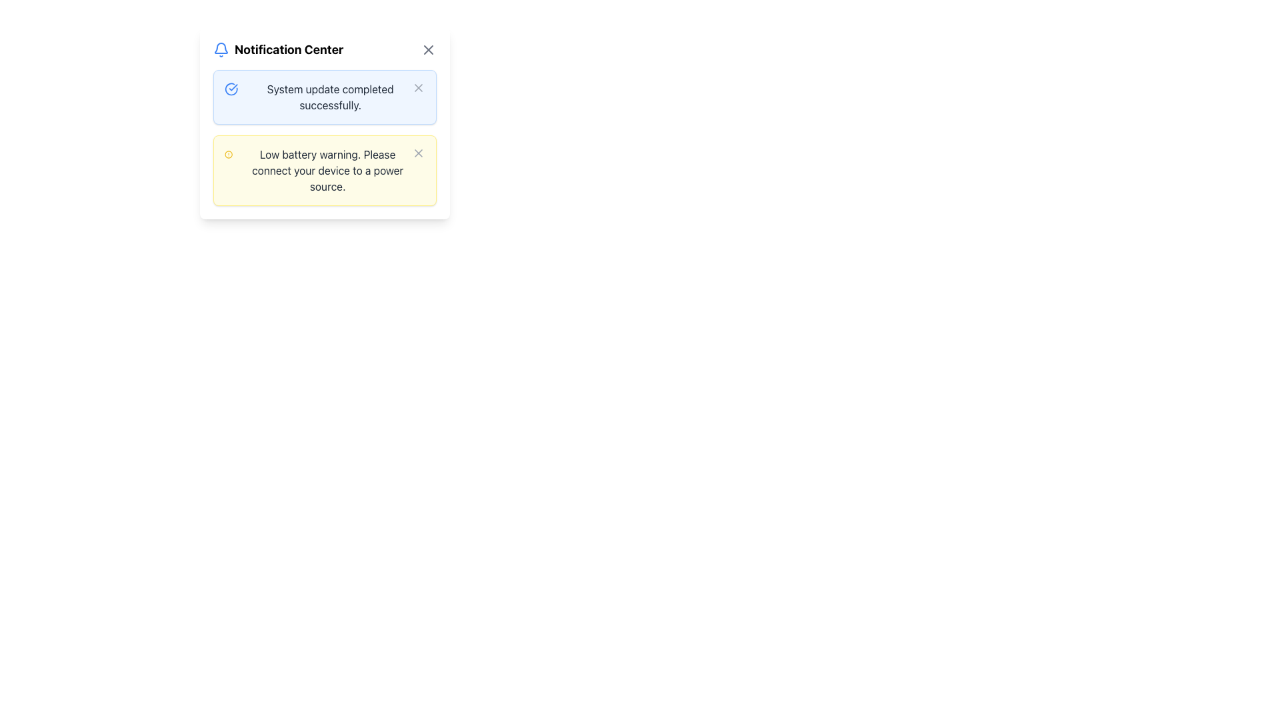 Image resolution: width=1280 pixels, height=720 pixels. What do you see at coordinates (327, 169) in the screenshot?
I see `low battery notification text located in the warning notification area below the top message in the notification center` at bounding box center [327, 169].